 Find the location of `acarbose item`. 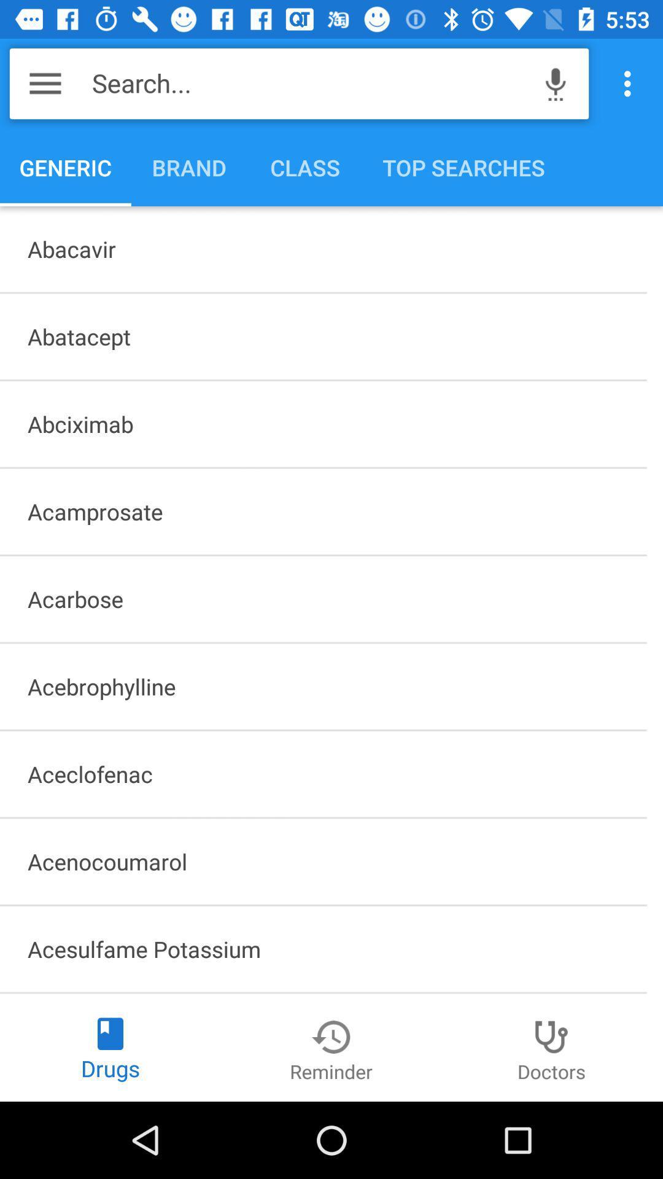

acarbose item is located at coordinates (322, 599).